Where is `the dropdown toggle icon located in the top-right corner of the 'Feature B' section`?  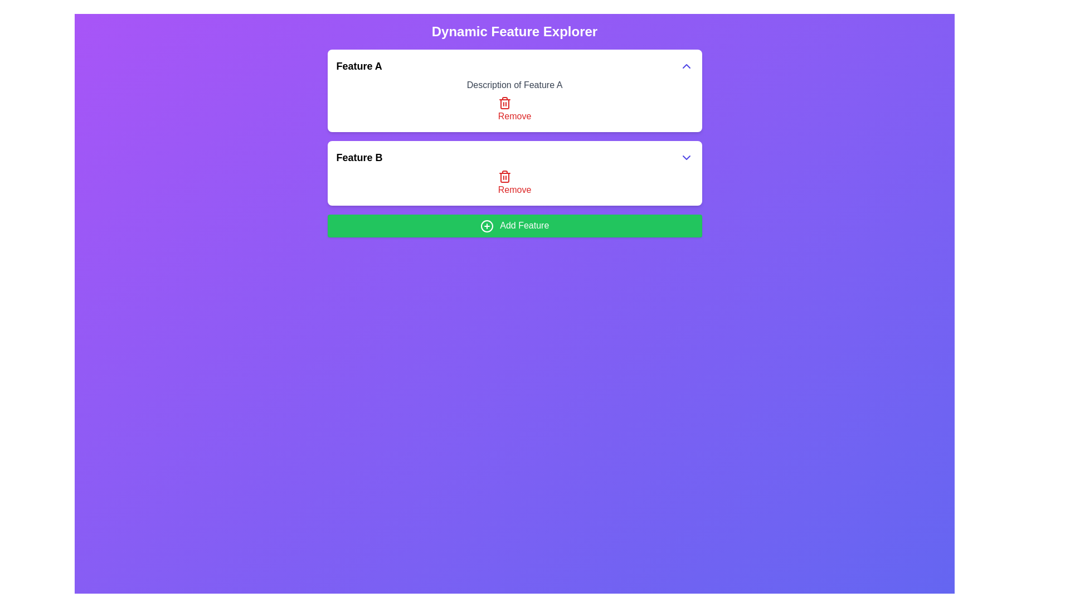
the dropdown toggle icon located in the top-right corner of the 'Feature B' section is located at coordinates (685, 157).